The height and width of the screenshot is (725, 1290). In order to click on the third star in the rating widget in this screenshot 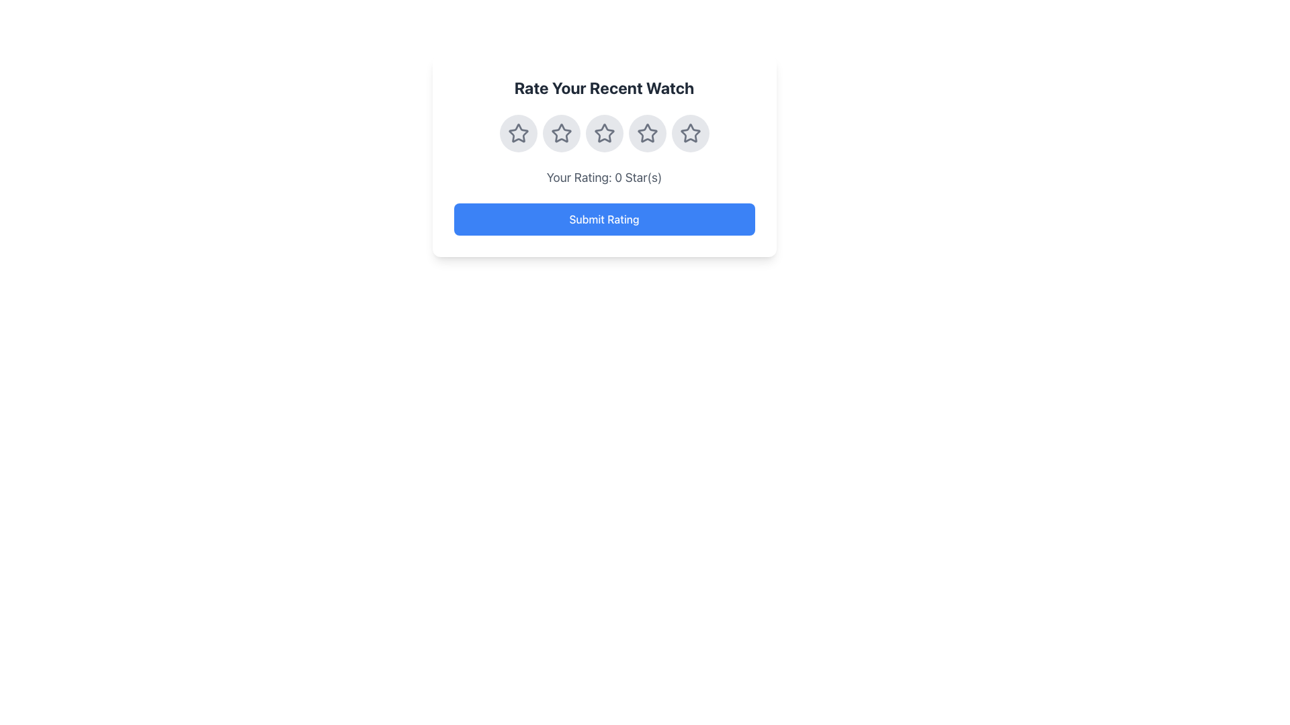, I will do `click(603, 133)`.